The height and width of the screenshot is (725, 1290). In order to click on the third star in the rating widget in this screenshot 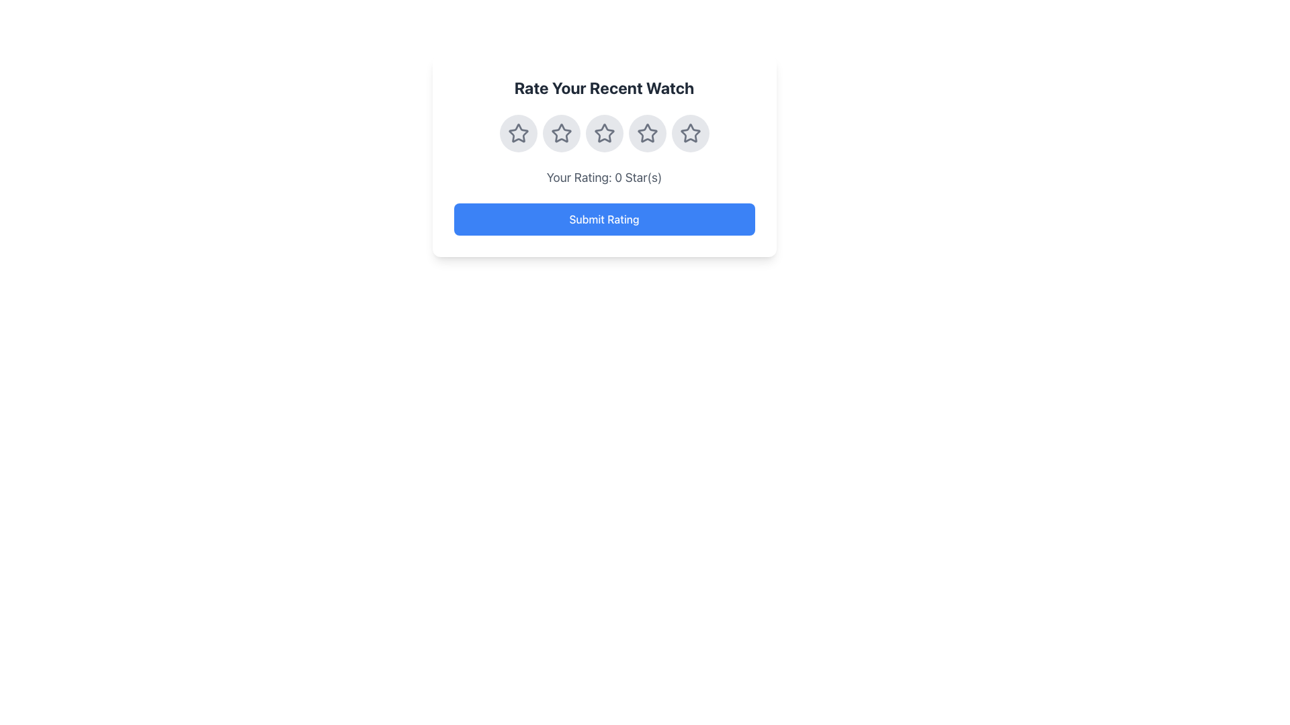, I will do `click(603, 133)`.